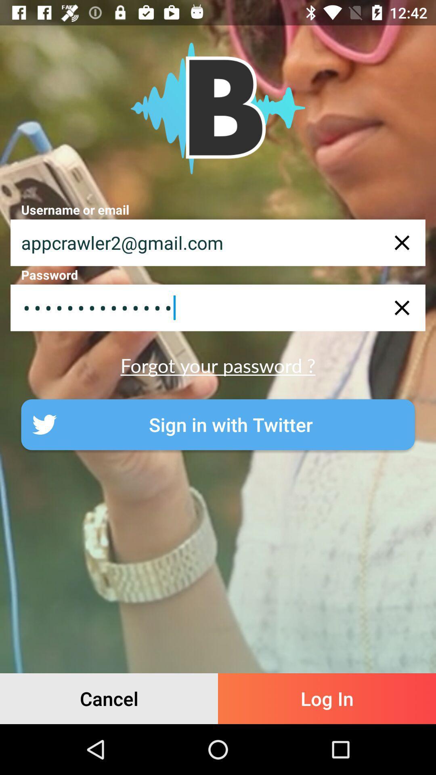 This screenshot has width=436, height=775. What do you see at coordinates (109, 698) in the screenshot?
I see `cancel` at bounding box center [109, 698].